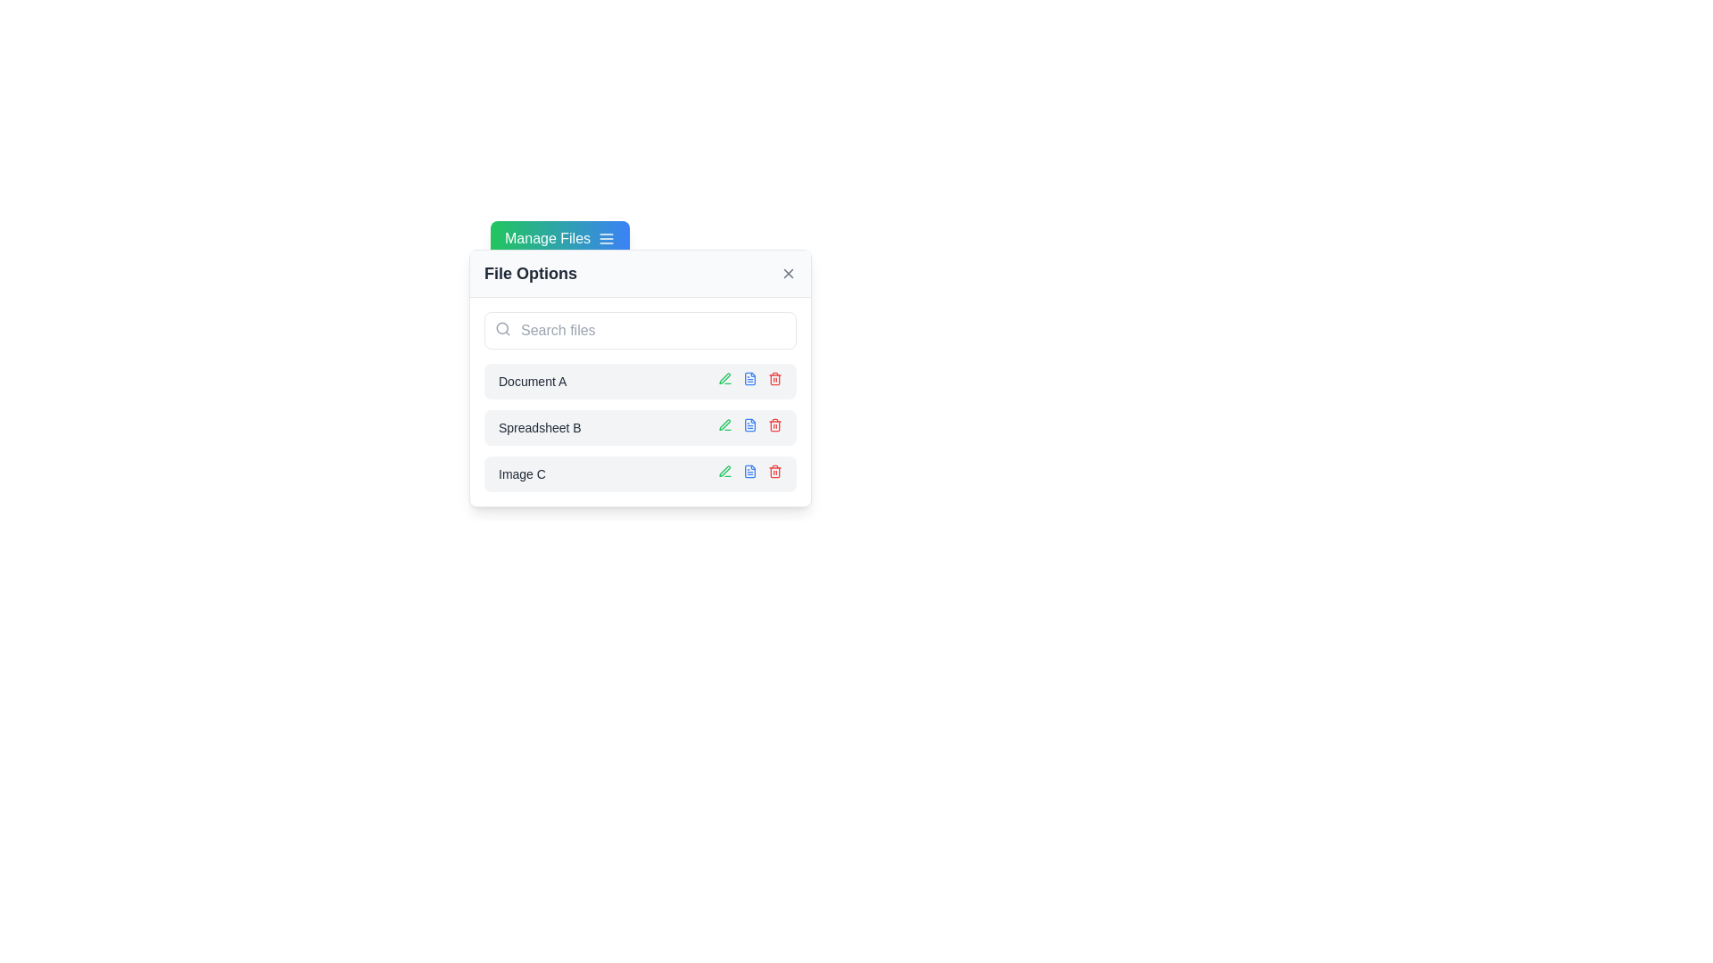 This screenshot has width=1713, height=963. I want to click on the first icon button in the row, which is designed for editing and has a pen-like appearance, so click(724, 425).